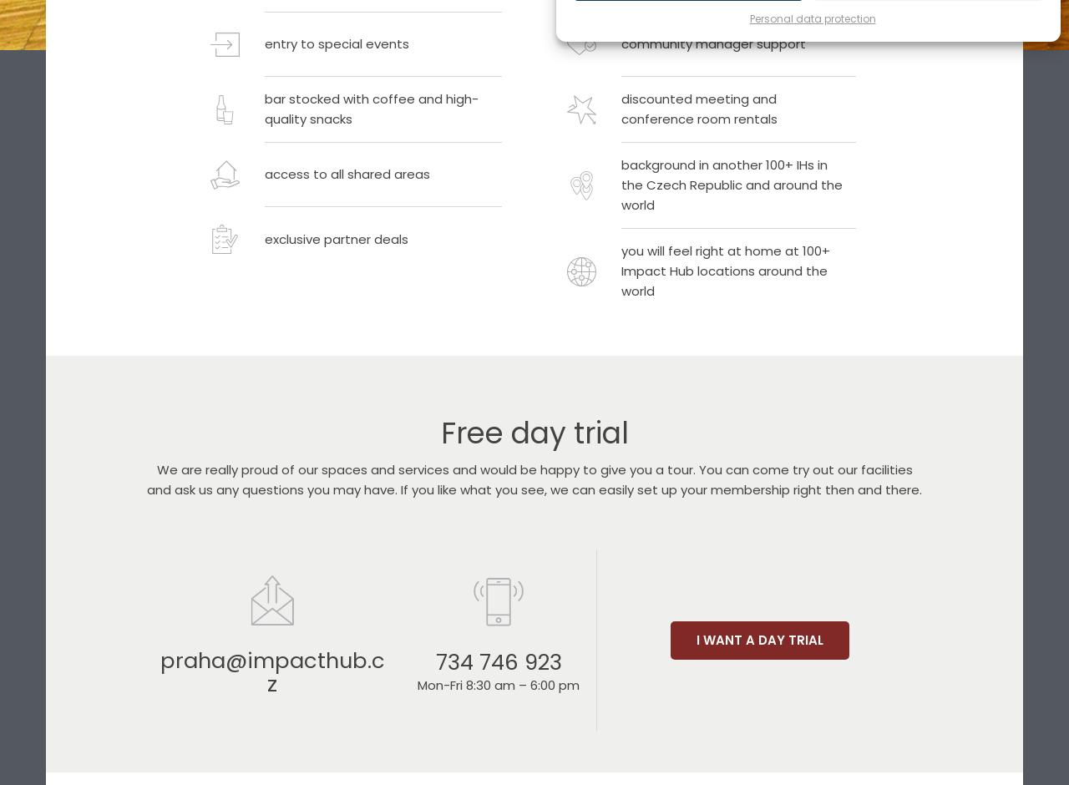 The width and height of the screenshot is (1069, 785). What do you see at coordinates (371, 108) in the screenshot?
I see `'bar stocked with coffee and high-quality snacks'` at bounding box center [371, 108].